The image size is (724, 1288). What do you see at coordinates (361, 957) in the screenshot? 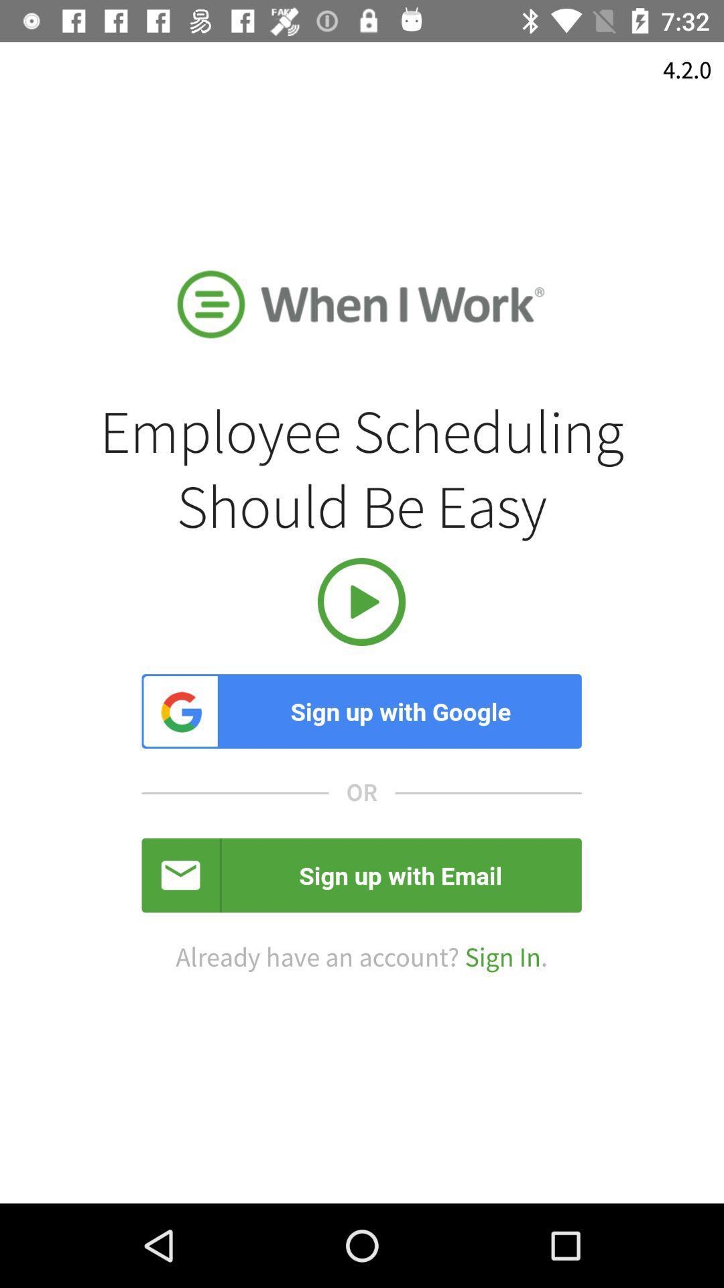
I see `the already have an item` at bounding box center [361, 957].